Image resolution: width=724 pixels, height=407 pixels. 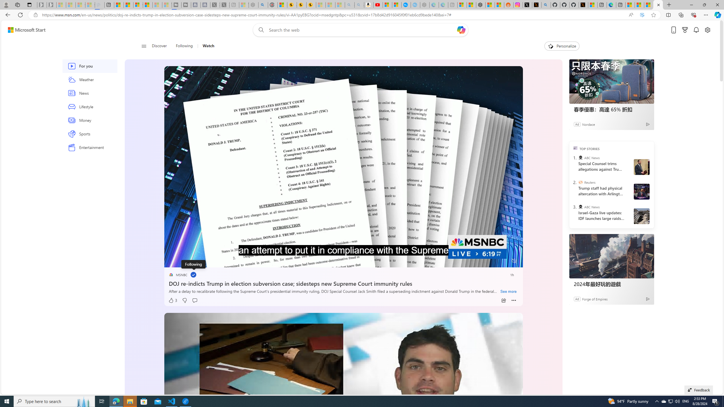 I want to click on 'github - Search', so click(x=546, y=5).